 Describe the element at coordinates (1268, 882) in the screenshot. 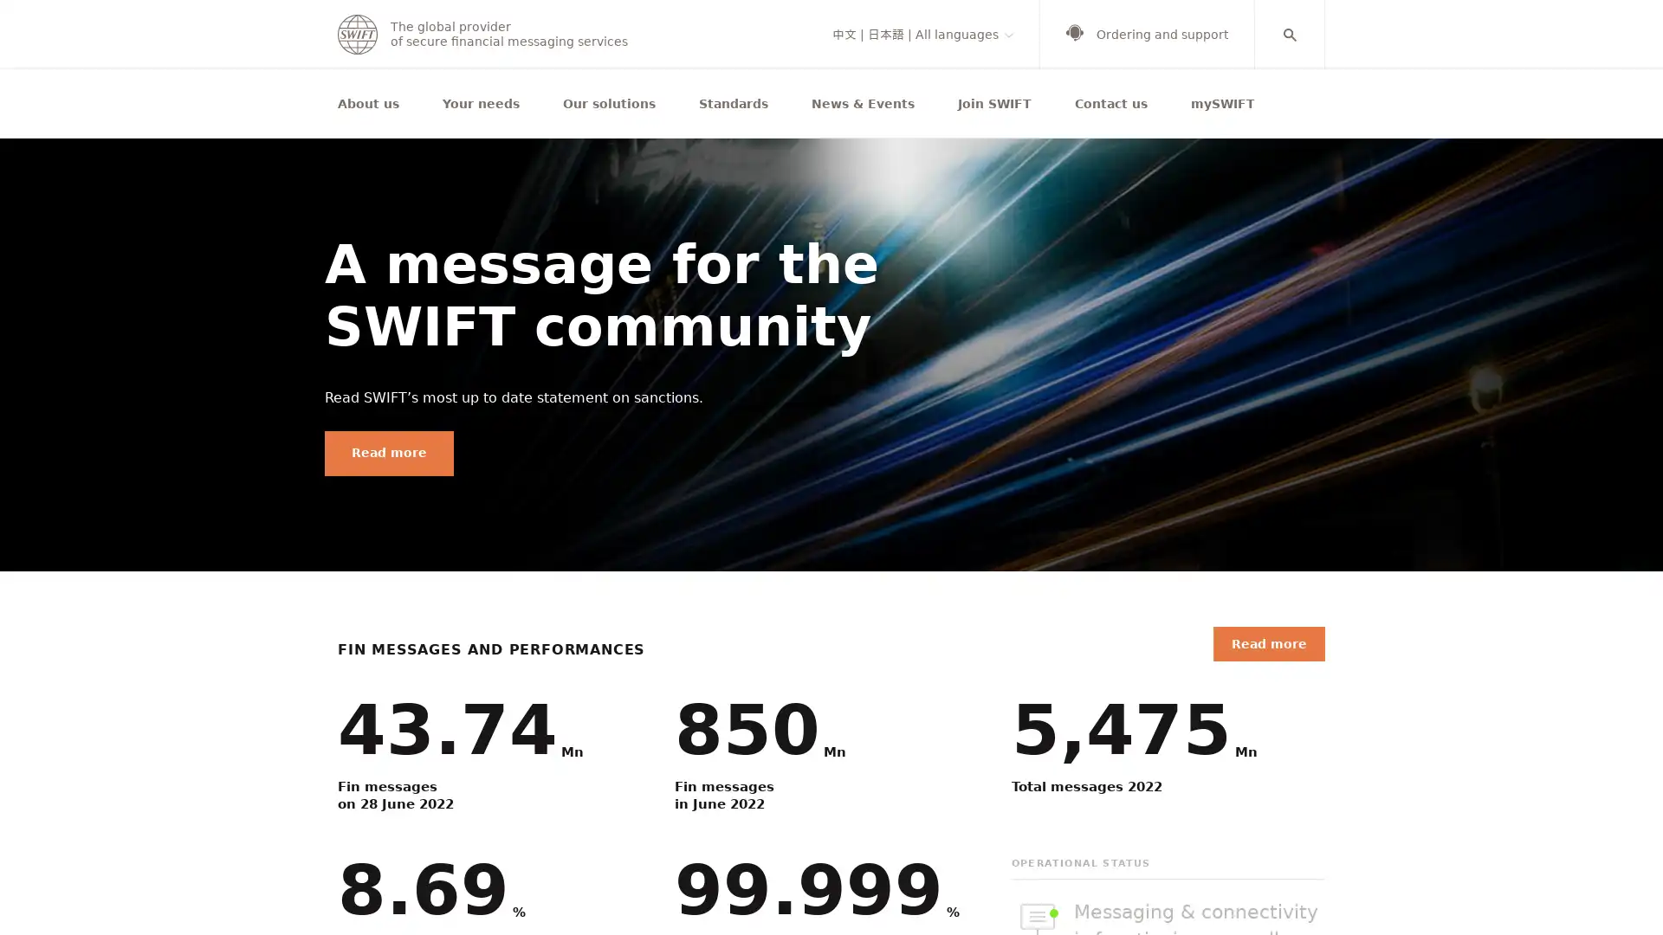

I see `Reject All` at that location.